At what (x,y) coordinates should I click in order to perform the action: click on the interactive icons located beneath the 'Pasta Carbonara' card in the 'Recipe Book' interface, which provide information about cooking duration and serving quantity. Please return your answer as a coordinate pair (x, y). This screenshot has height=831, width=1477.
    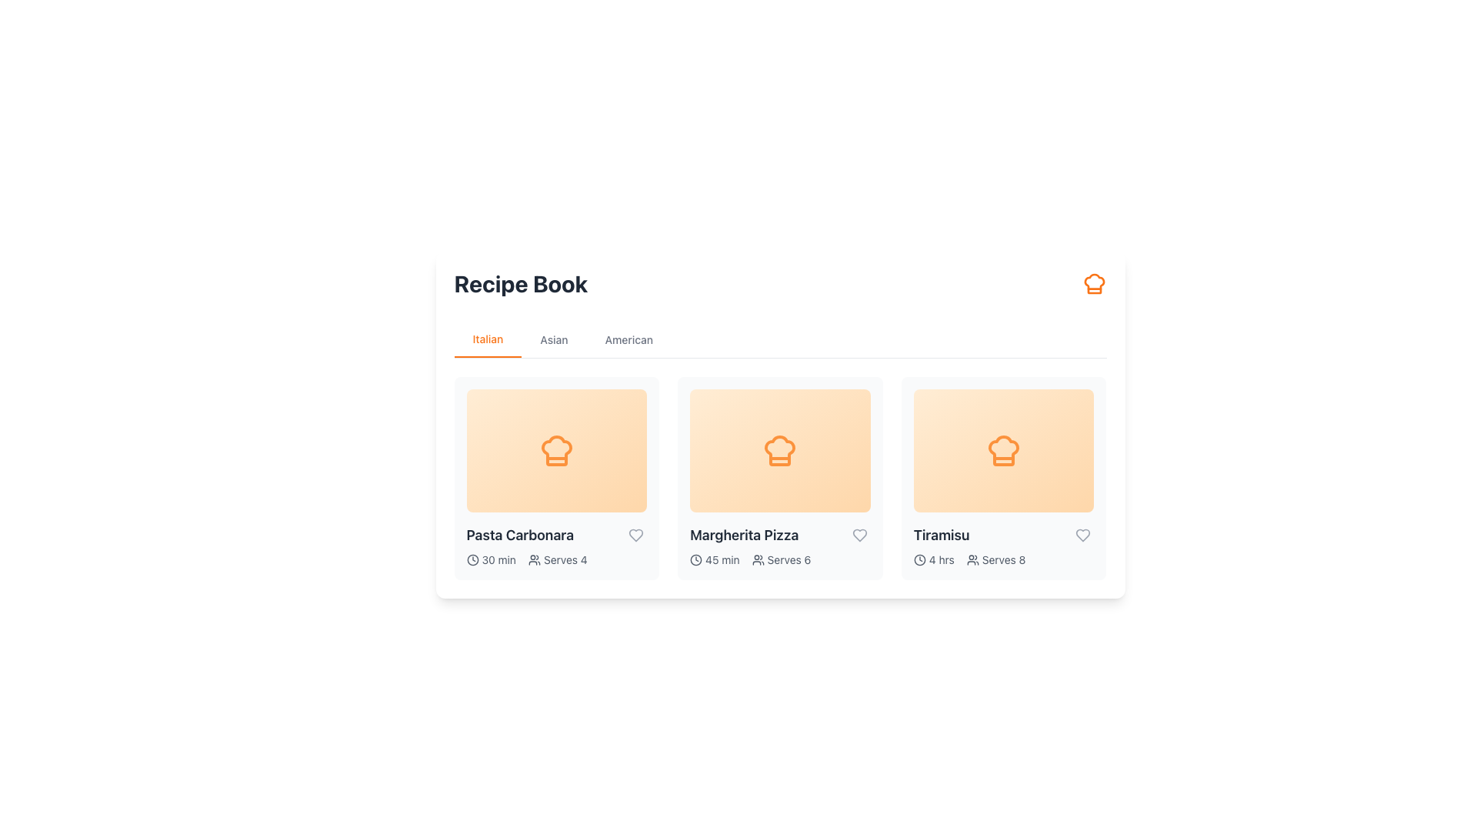
    Looking at the image, I should click on (555, 560).